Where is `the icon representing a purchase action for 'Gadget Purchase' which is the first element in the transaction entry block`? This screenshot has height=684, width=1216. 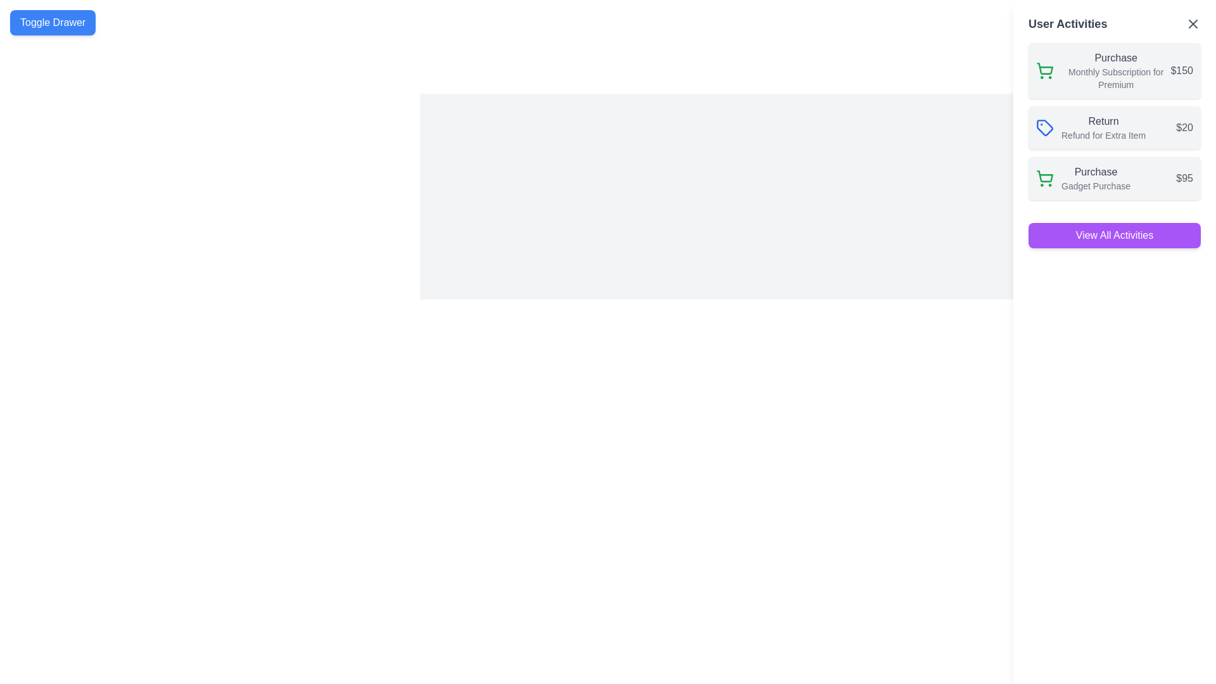 the icon representing a purchase action for 'Gadget Purchase' which is the first element in the transaction entry block is located at coordinates (1045, 178).